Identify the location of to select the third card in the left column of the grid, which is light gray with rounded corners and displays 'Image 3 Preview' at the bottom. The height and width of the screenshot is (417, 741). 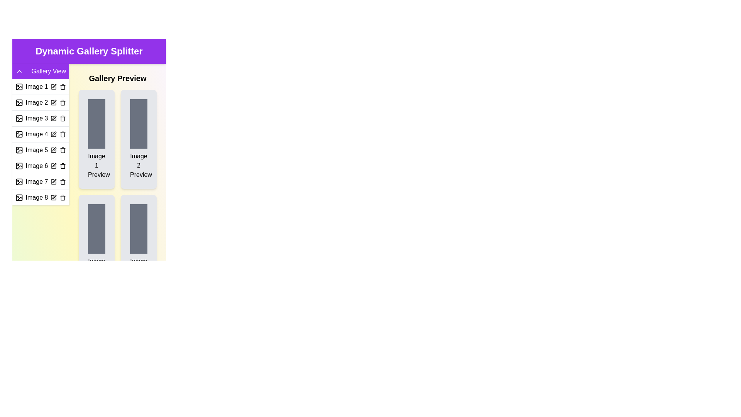
(96, 244).